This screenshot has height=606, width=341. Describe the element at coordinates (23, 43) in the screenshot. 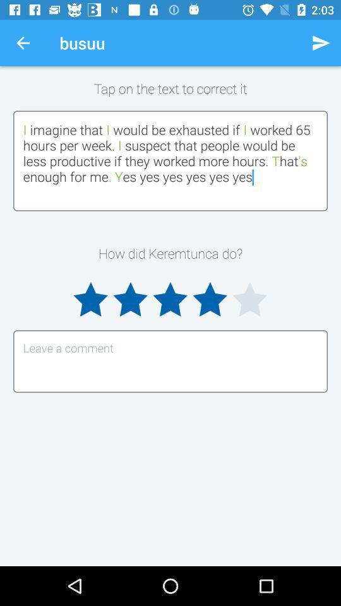

I see `icon to the left of the busuu app` at that location.